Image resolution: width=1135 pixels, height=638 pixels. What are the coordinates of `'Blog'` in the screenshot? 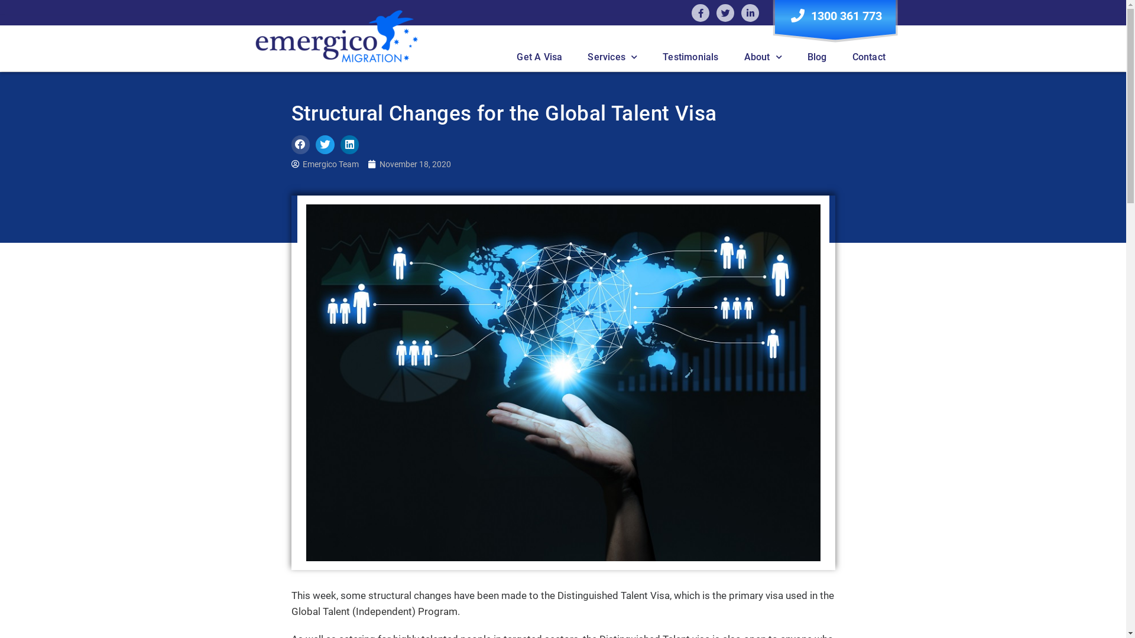 It's located at (816, 57).